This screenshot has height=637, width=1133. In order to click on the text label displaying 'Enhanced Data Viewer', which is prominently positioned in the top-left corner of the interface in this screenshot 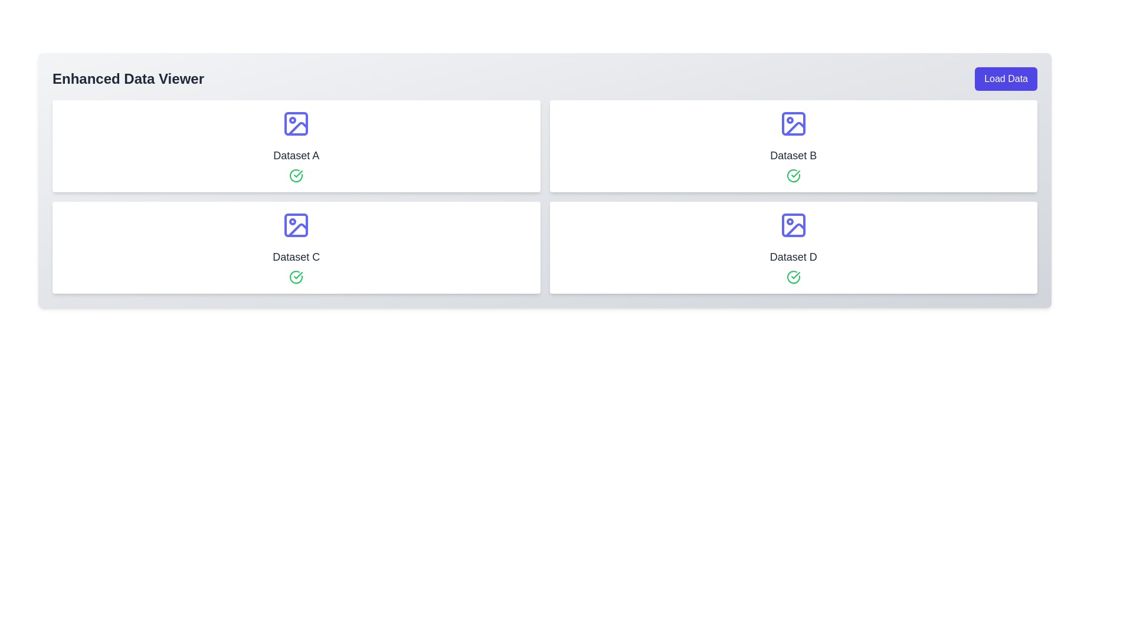, I will do `click(128, 79)`.